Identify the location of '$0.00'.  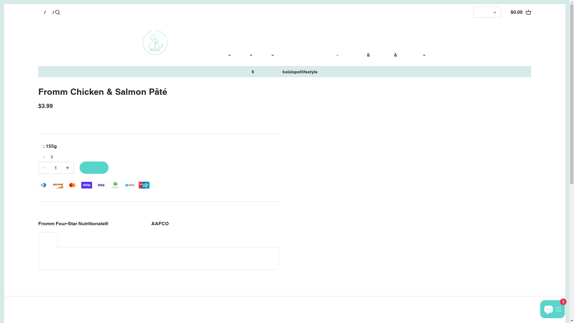
(520, 12).